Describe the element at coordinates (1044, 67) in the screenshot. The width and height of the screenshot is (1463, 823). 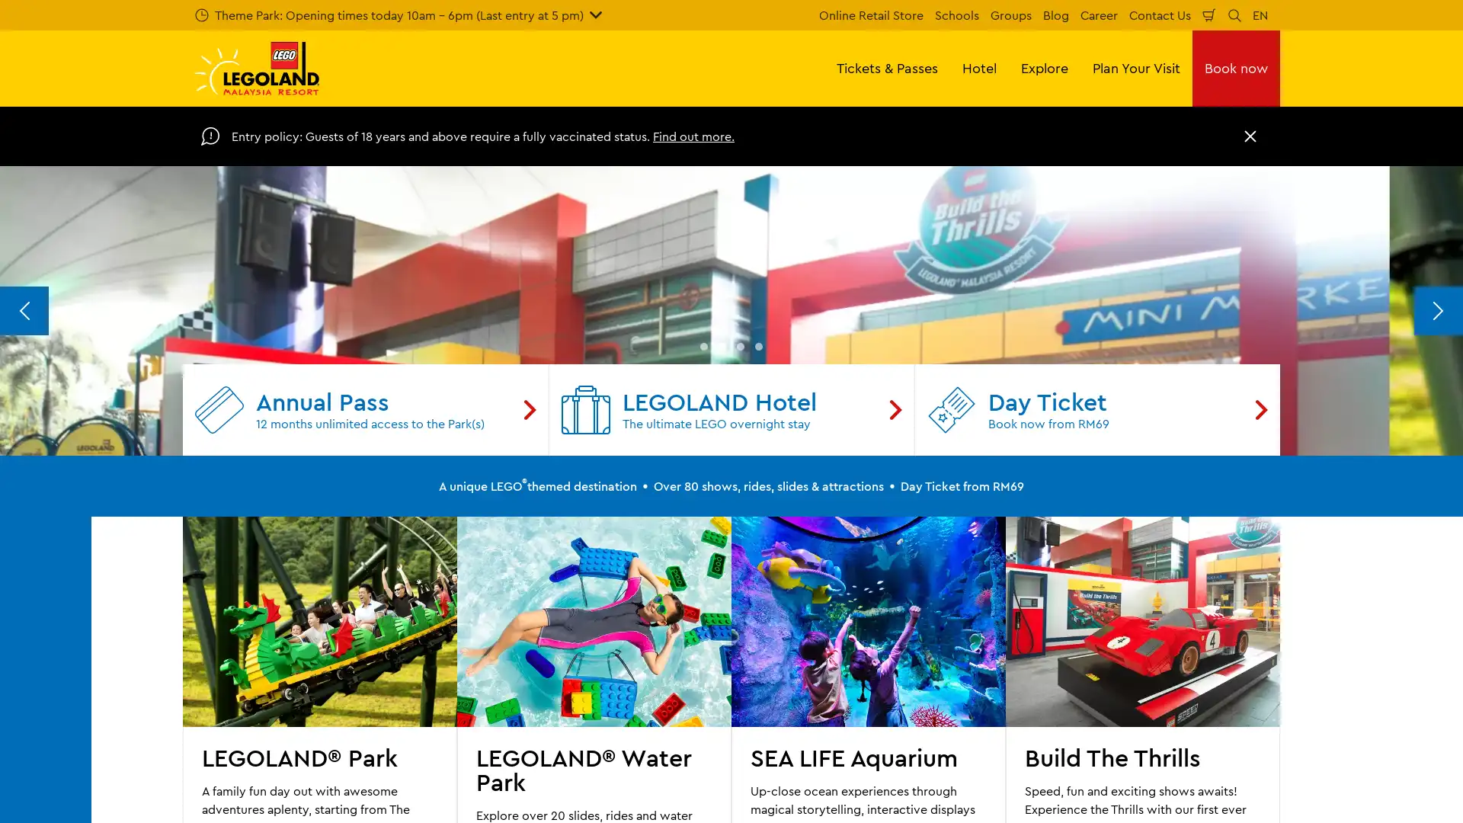
I see `Explore` at that location.